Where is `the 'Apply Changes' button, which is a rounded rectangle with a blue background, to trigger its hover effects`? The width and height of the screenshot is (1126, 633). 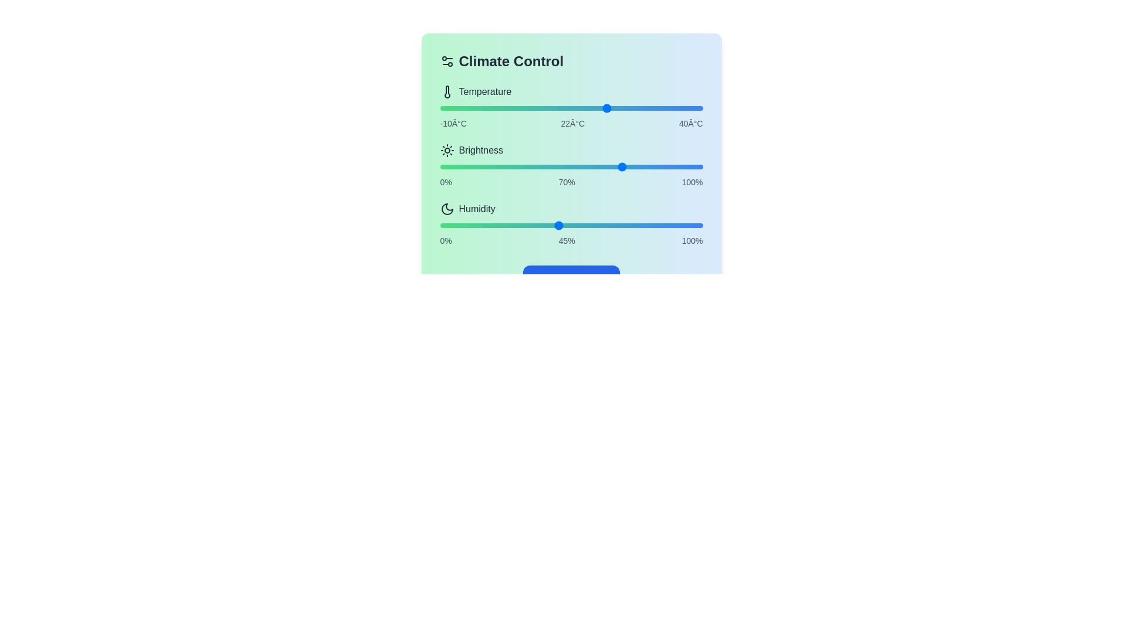
the 'Apply Changes' button, which is a rounded rectangle with a blue background, to trigger its hover effects is located at coordinates (571, 280).